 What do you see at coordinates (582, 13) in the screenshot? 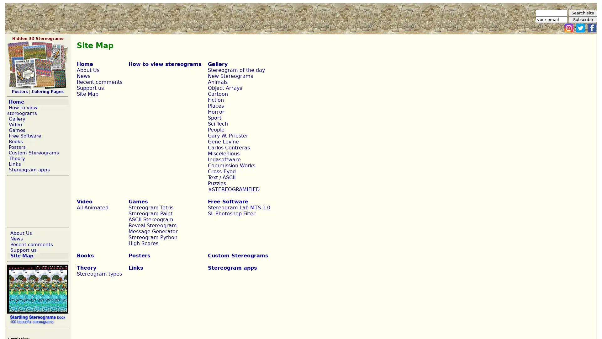
I see `Search site` at bounding box center [582, 13].